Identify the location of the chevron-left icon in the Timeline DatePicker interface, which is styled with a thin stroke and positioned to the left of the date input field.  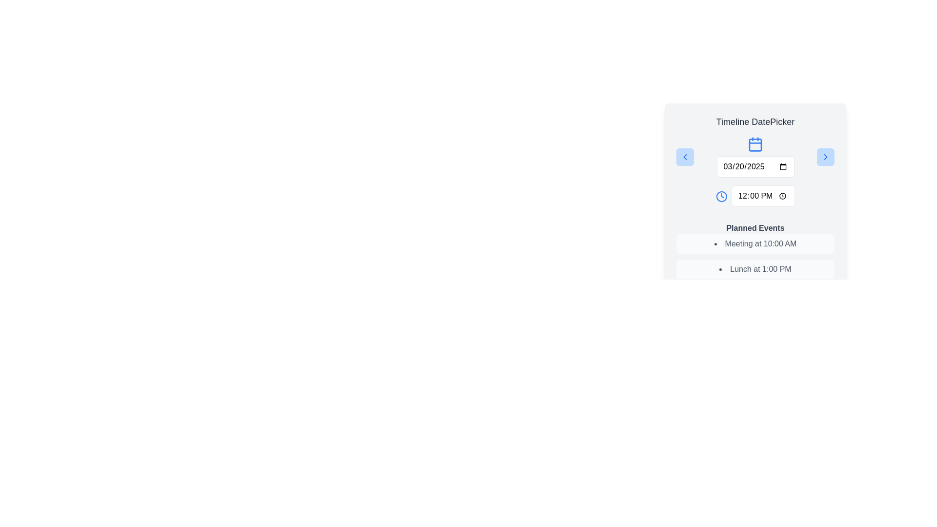
(684, 156).